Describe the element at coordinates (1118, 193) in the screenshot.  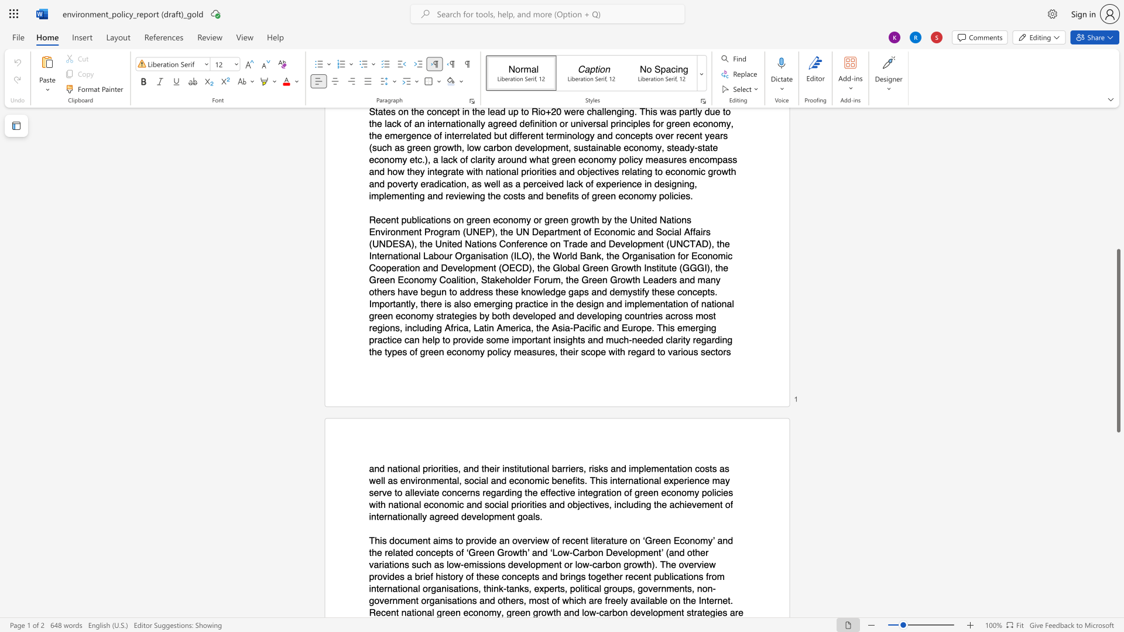
I see `the scrollbar` at that location.